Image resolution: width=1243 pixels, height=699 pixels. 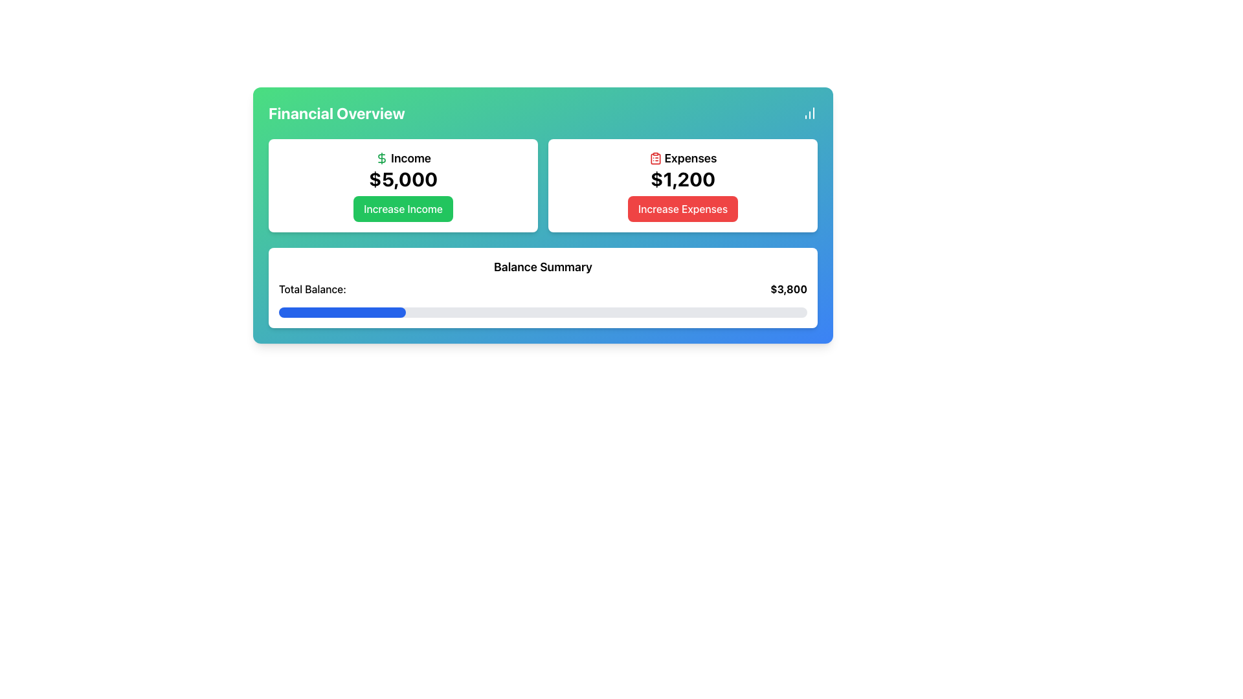 What do you see at coordinates (543, 266) in the screenshot?
I see `the text label 'Balance Summary', which is a bold heading prominently positioned at the top of the financial balance information card` at bounding box center [543, 266].